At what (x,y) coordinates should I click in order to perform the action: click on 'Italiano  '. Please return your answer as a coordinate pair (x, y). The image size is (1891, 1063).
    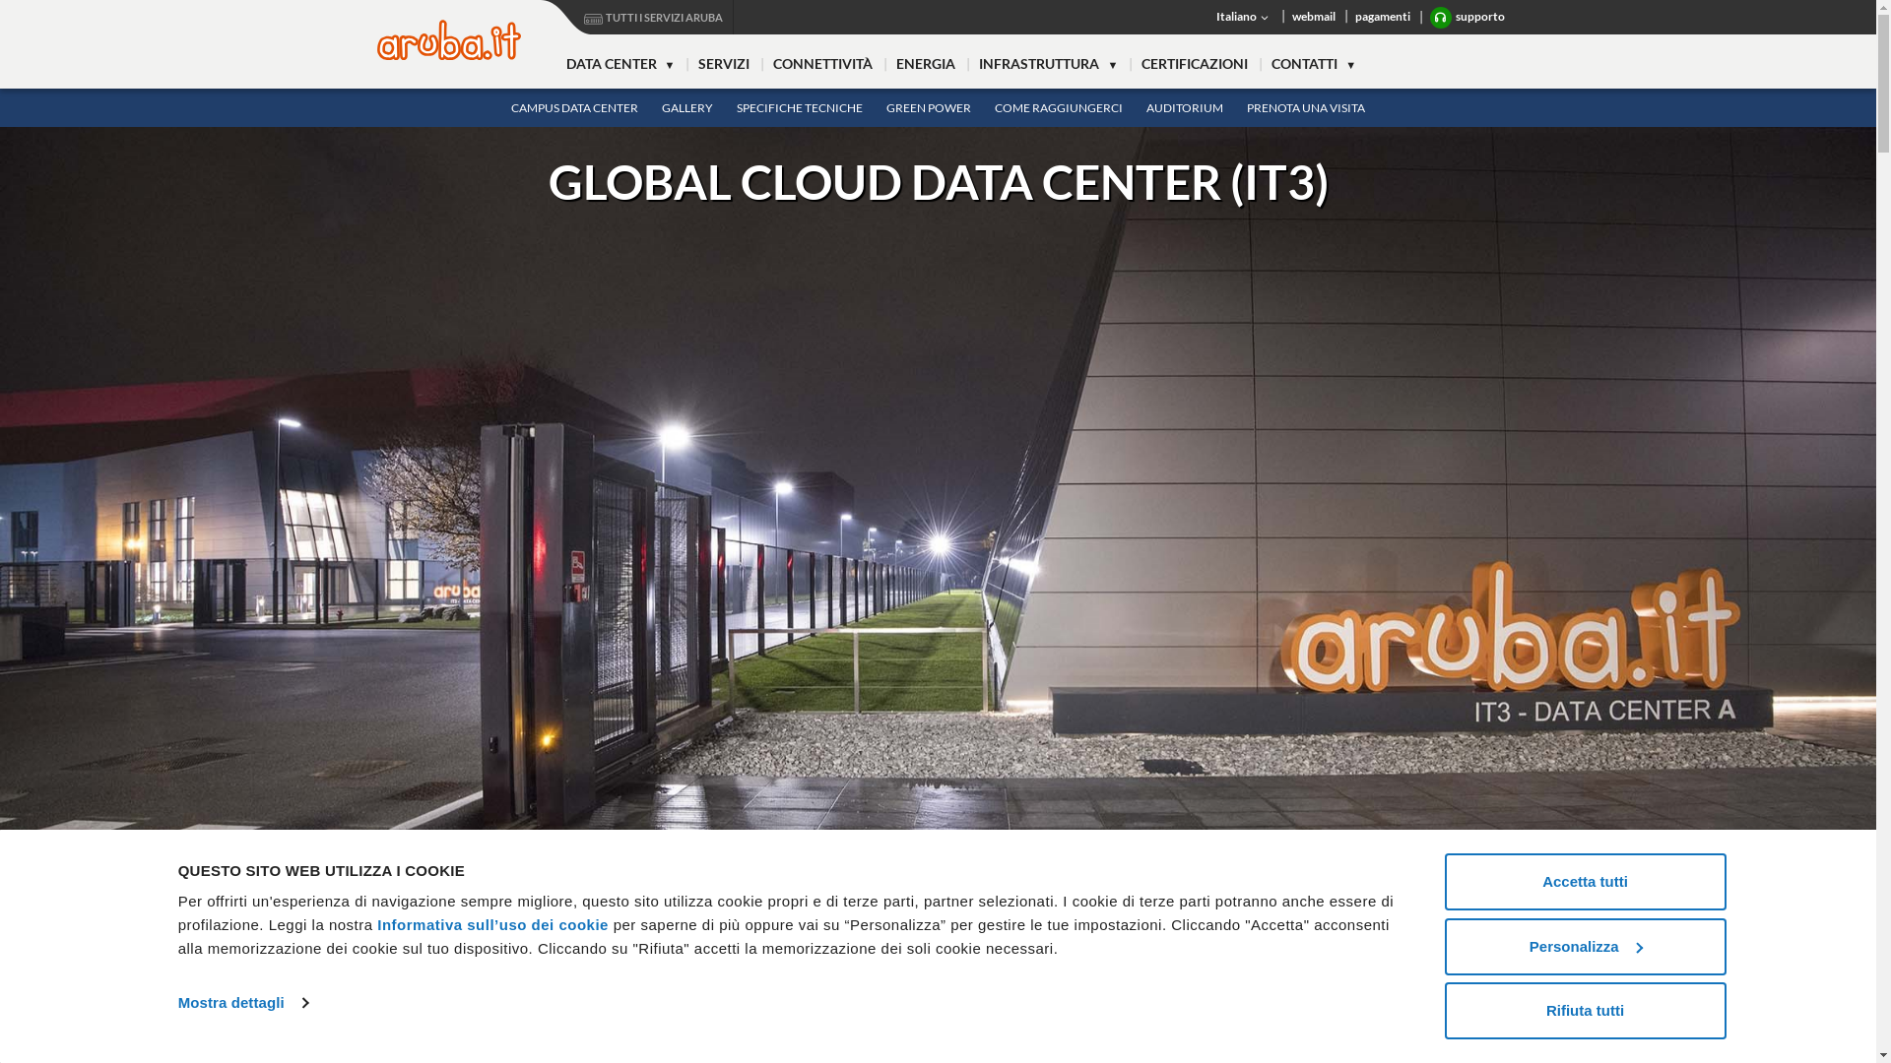
    Looking at the image, I should click on (1242, 16).